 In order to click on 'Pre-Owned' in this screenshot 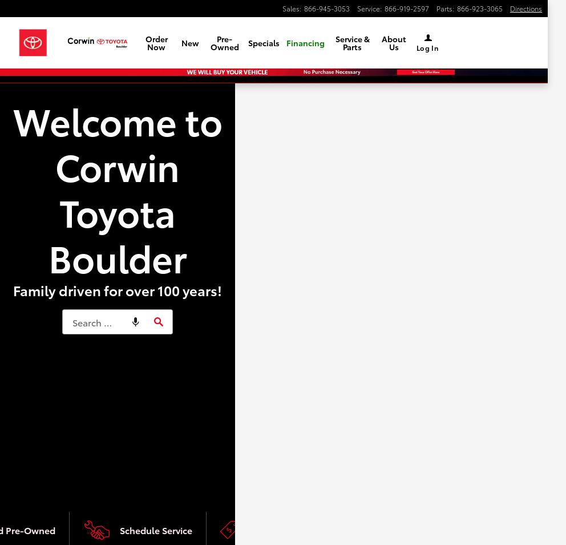, I will do `click(224, 42)`.